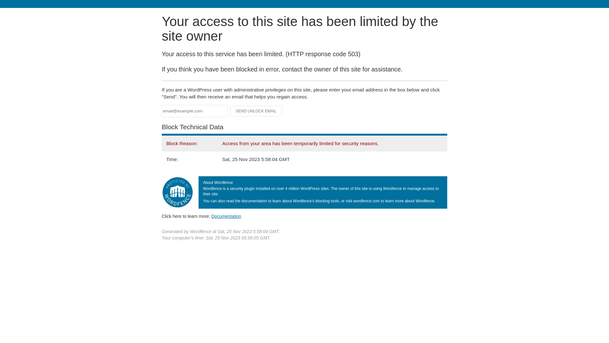  I want to click on 'Send Unlock Email', so click(229, 111).